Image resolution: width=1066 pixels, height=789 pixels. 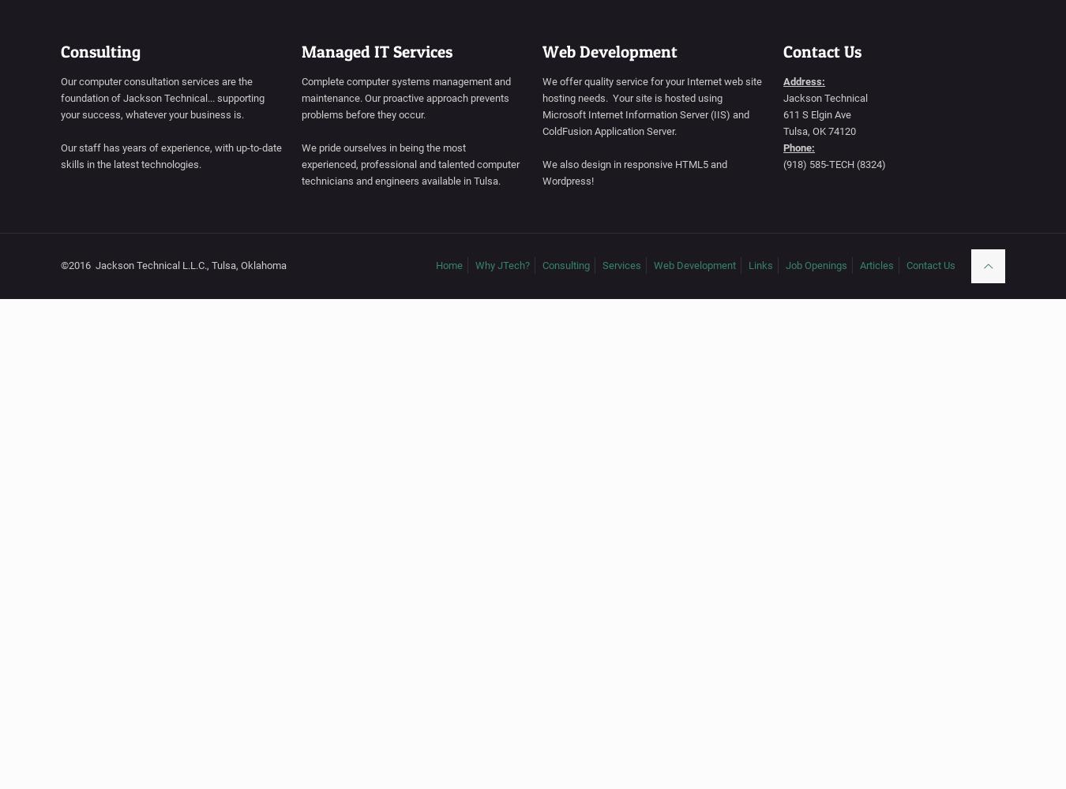 I want to click on 'Our computer consultation services are the foundation of Jackson Technical... supporting your success, whatever 
						your business is.', so click(x=59, y=97).